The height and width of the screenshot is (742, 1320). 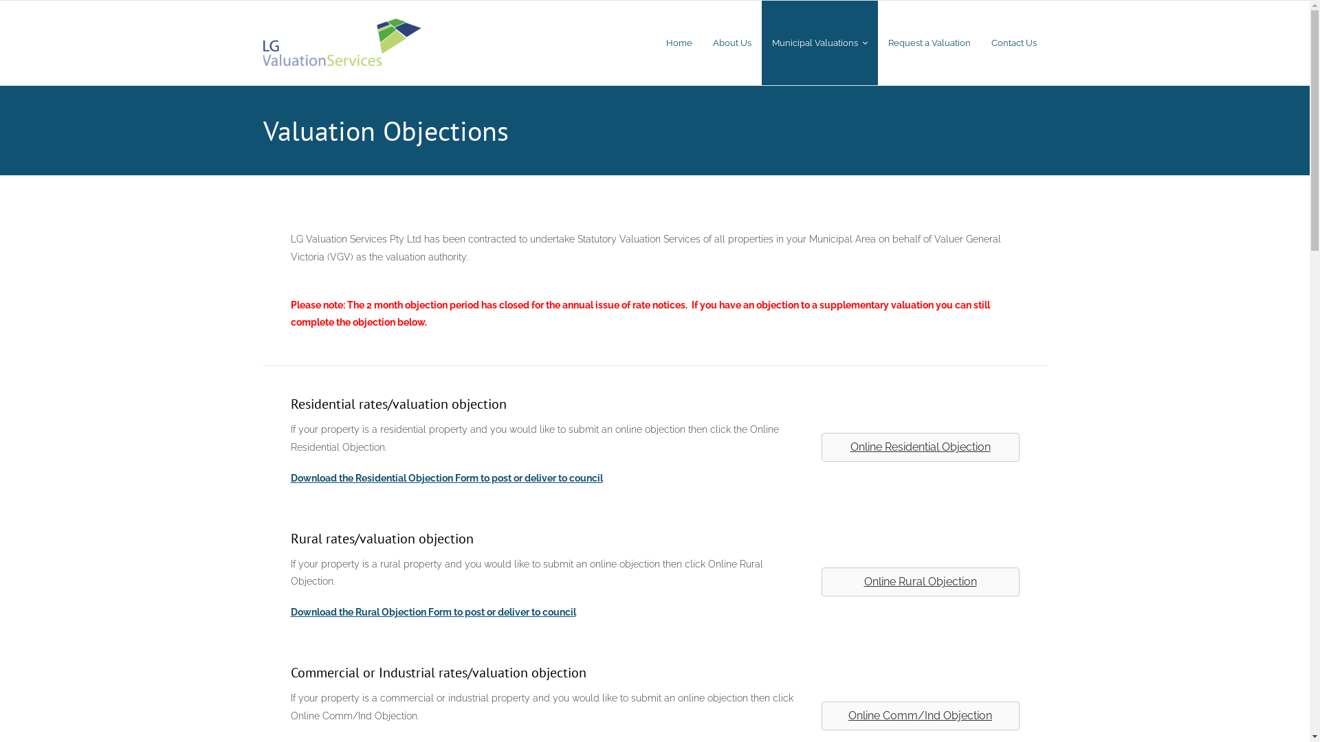 I want to click on 'Online Rural Objection', so click(x=920, y=582).